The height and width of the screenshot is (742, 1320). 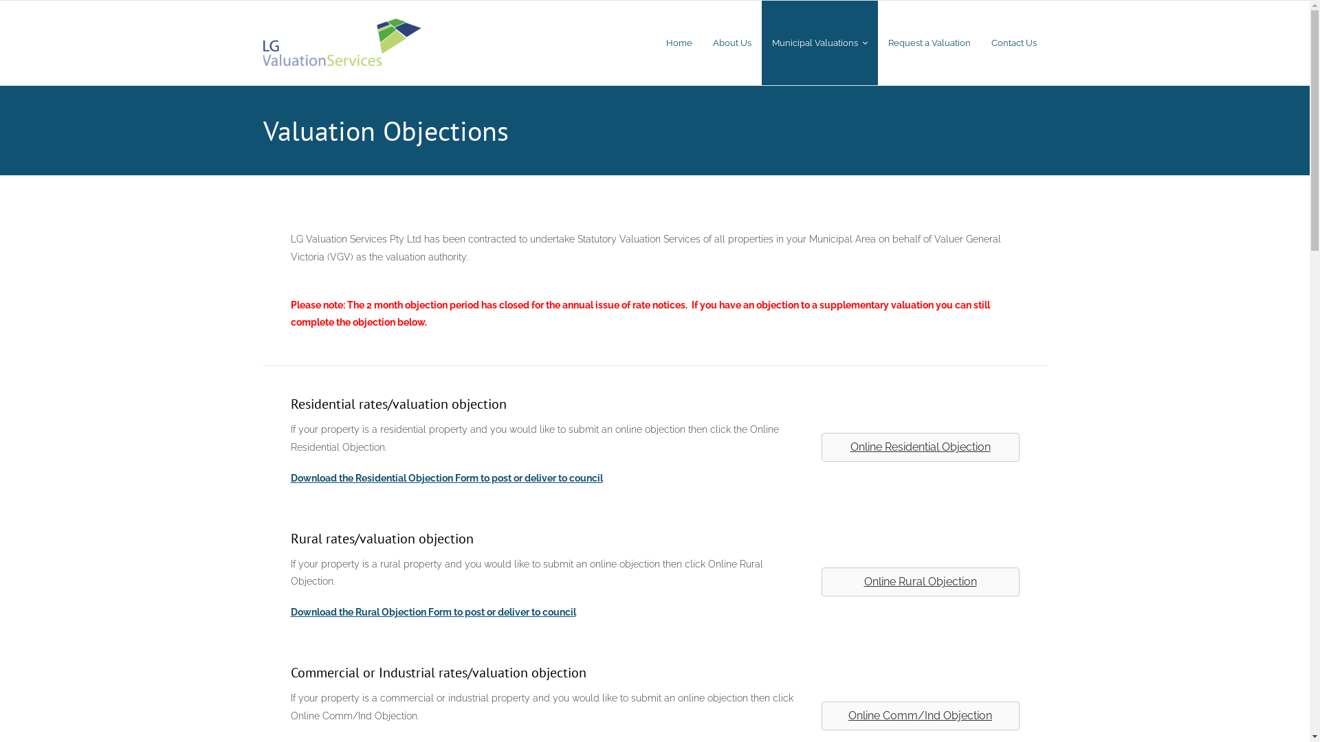 I want to click on 'Online Rural Objection', so click(x=920, y=582).